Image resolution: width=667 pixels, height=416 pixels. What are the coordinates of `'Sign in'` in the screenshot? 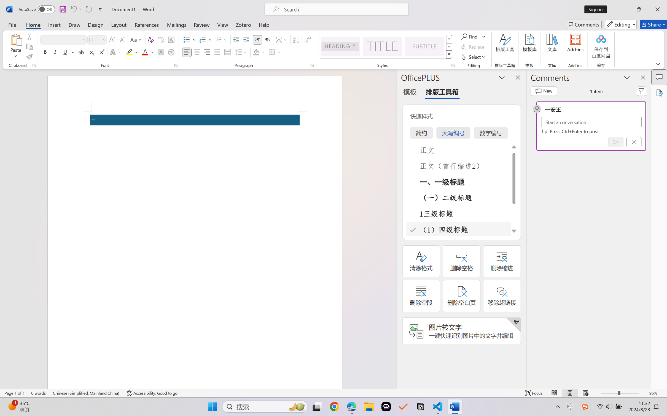 It's located at (598, 9).